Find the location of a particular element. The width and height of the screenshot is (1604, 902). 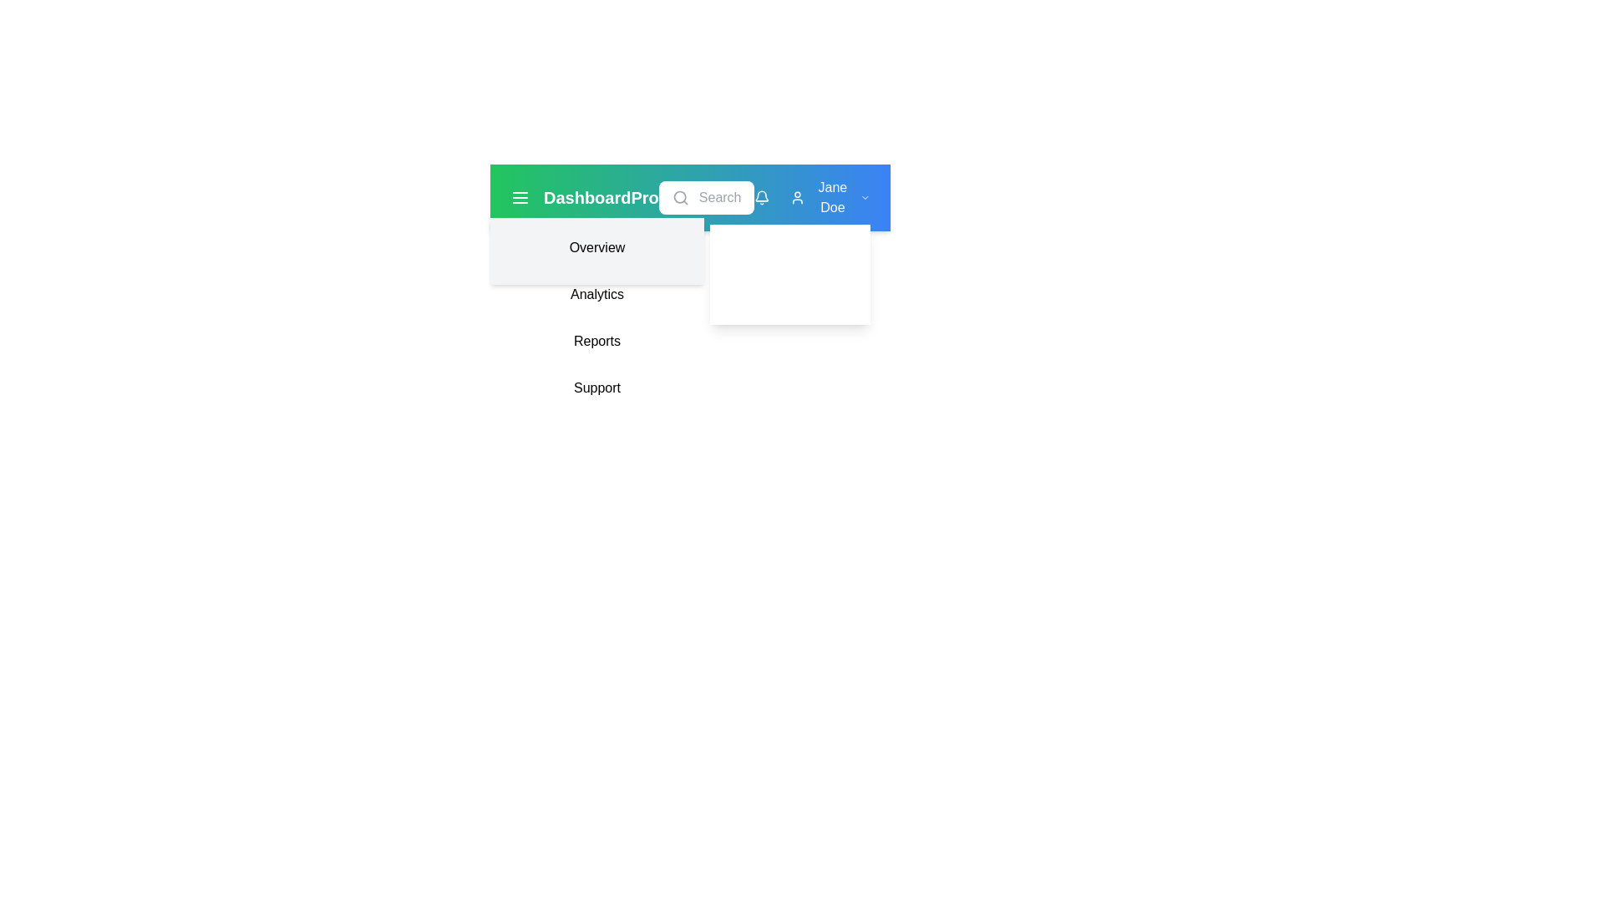

the search bar in the Navigation Bar, which features a gradient background and contains the text 'DashboardPro' and a notification bell icon is located at coordinates (690, 196).